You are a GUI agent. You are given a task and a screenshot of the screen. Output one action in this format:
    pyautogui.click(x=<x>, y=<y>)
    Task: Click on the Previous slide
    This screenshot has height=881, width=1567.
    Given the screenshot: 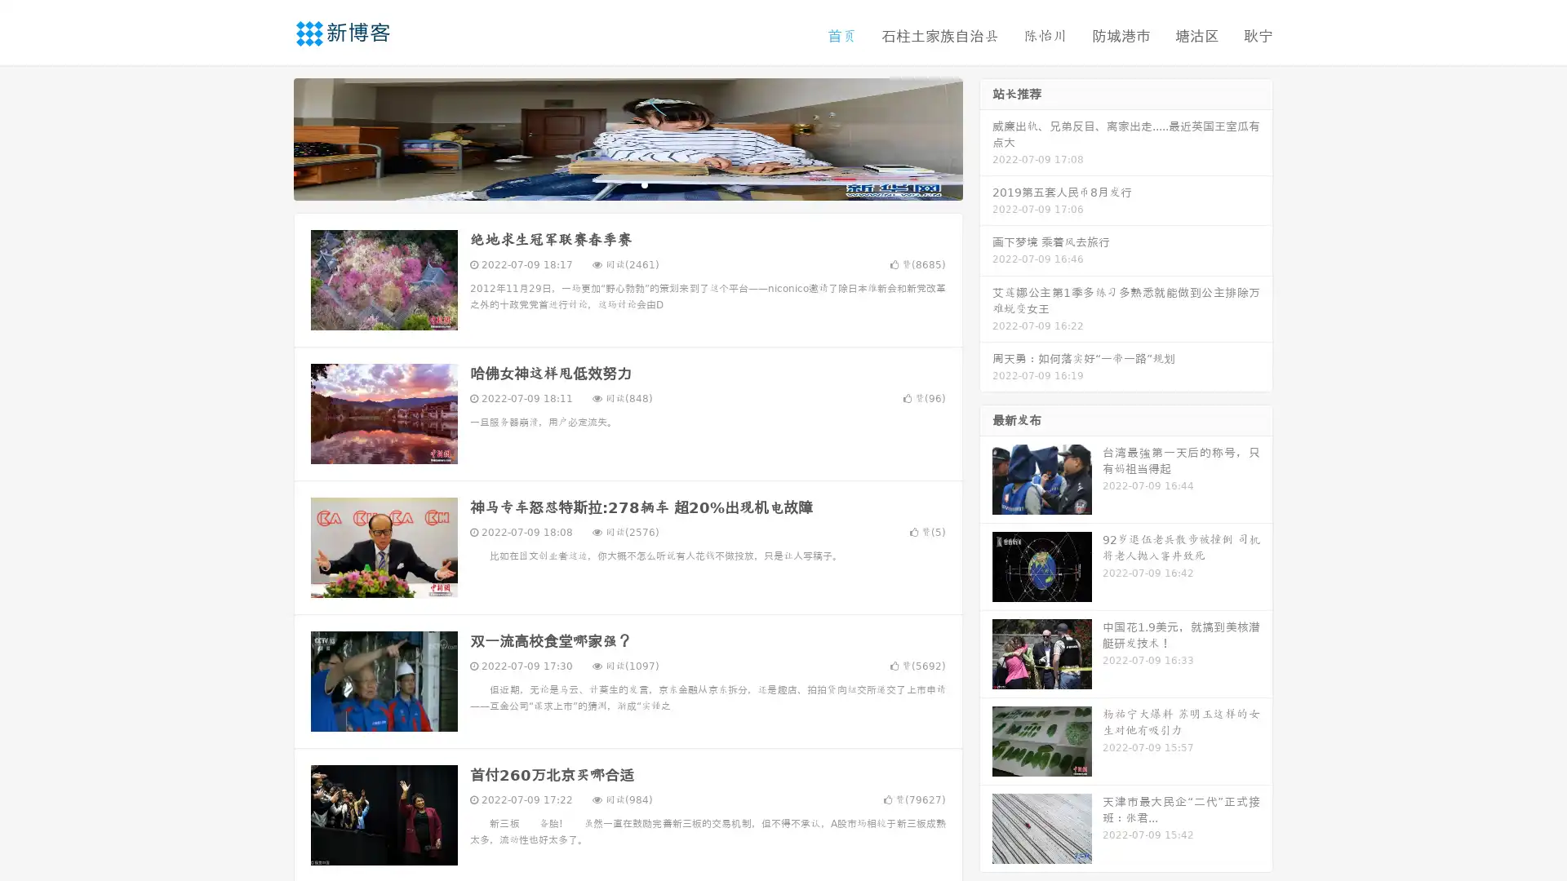 What is the action you would take?
    pyautogui.click(x=269, y=137)
    